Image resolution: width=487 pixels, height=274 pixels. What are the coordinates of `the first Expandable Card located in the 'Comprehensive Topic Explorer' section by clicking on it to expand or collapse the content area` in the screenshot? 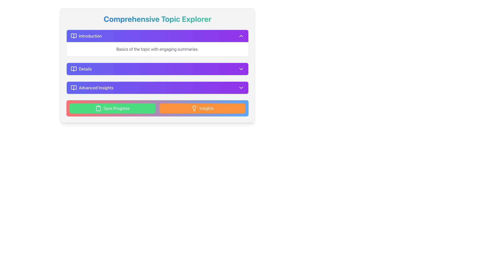 It's located at (157, 43).